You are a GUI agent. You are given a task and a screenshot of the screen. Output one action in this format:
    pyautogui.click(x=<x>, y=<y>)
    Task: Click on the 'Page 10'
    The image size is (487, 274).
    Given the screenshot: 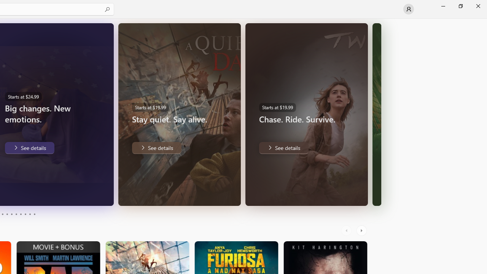 What is the action you would take?
    pyautogui.click(x=34, y=214)
    